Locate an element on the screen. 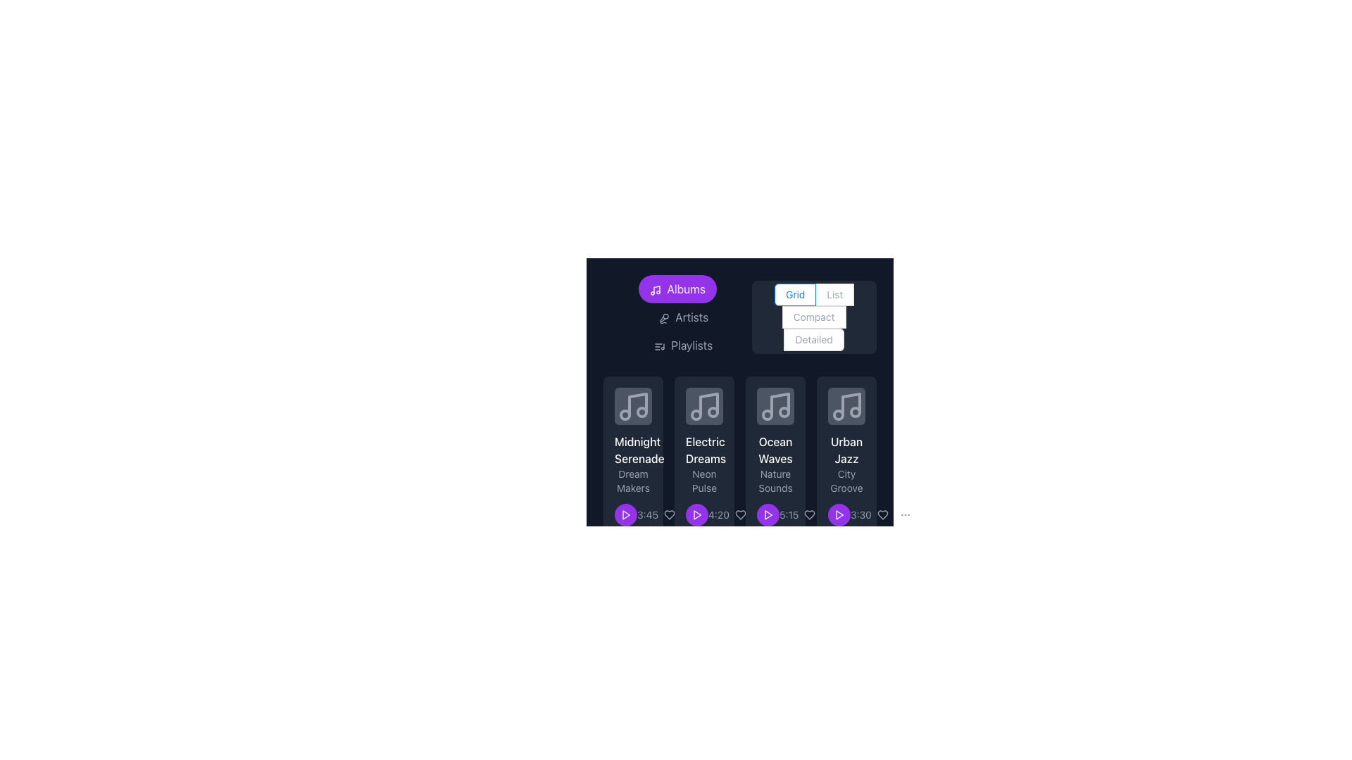  the music note icon with a purple background that is part of the 'Albums' tab button located at the top of the layout is located at coordinates (655, 289).